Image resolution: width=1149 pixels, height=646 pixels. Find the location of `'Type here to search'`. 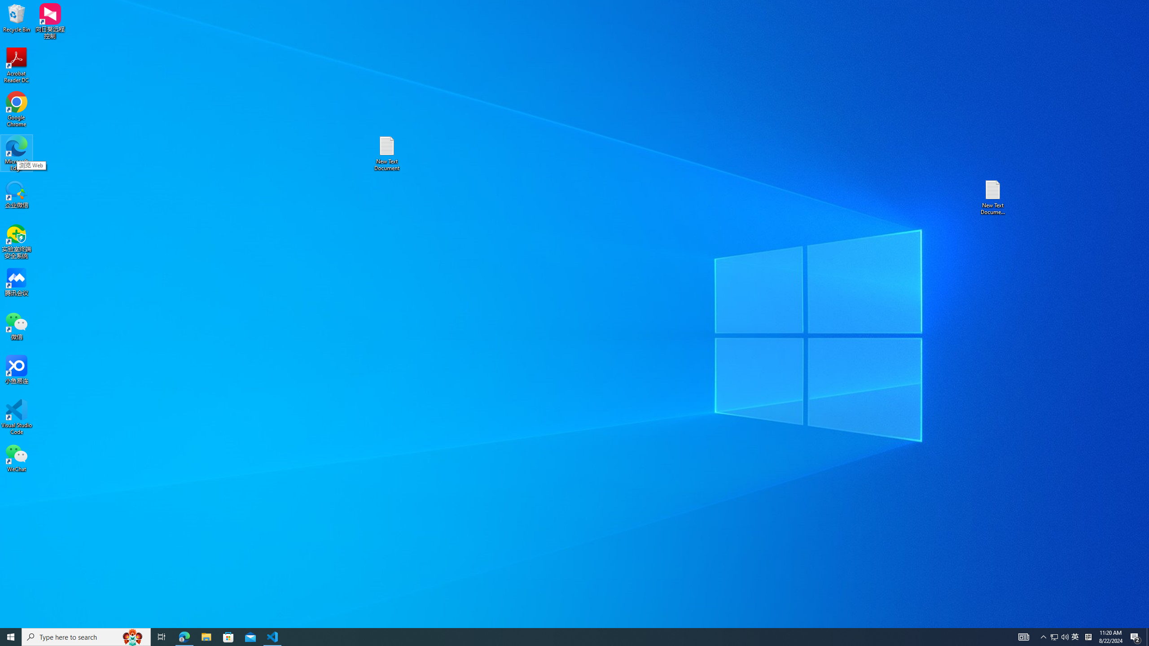

'Type here to search' is located at coordinates (86, 636).